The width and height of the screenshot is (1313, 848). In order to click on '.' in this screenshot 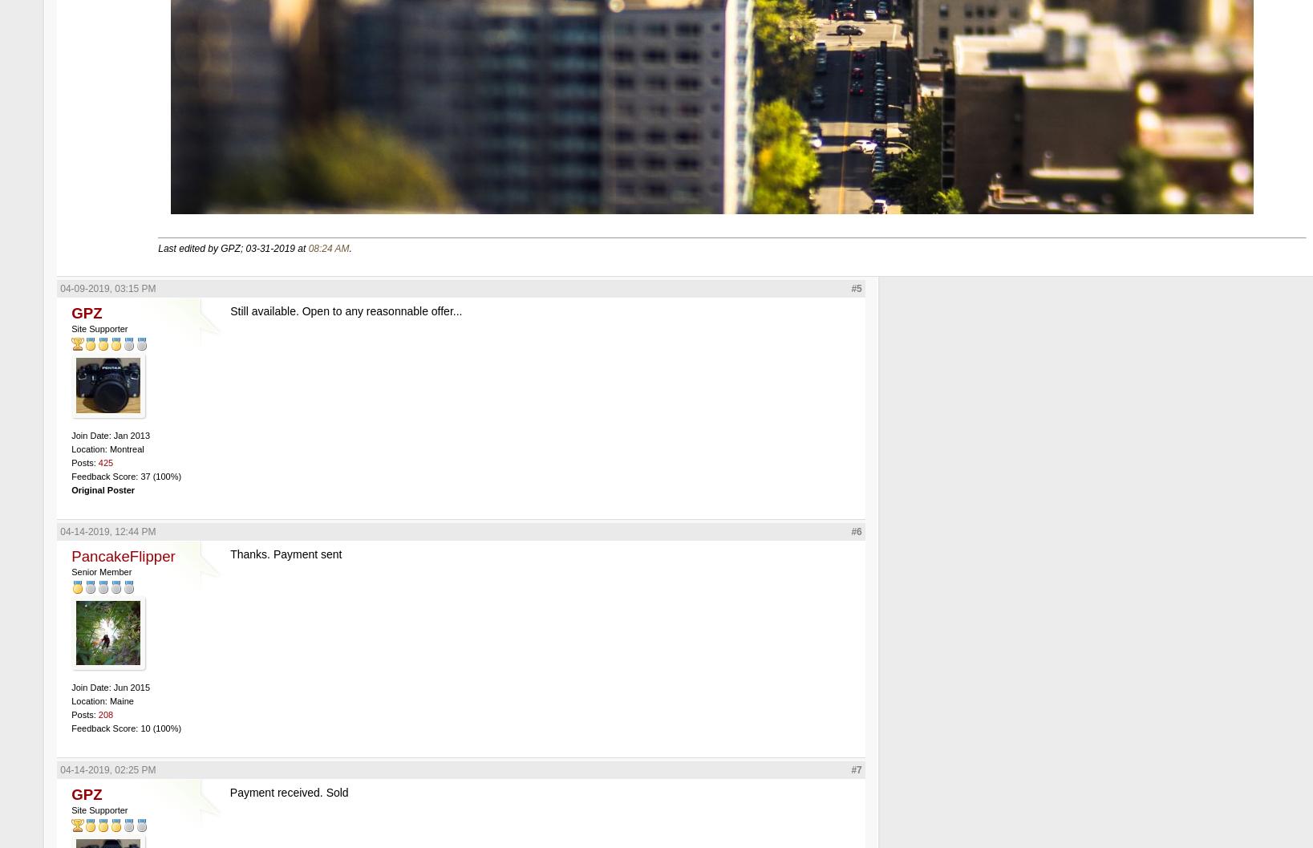, I will do `click(347, 247)`.